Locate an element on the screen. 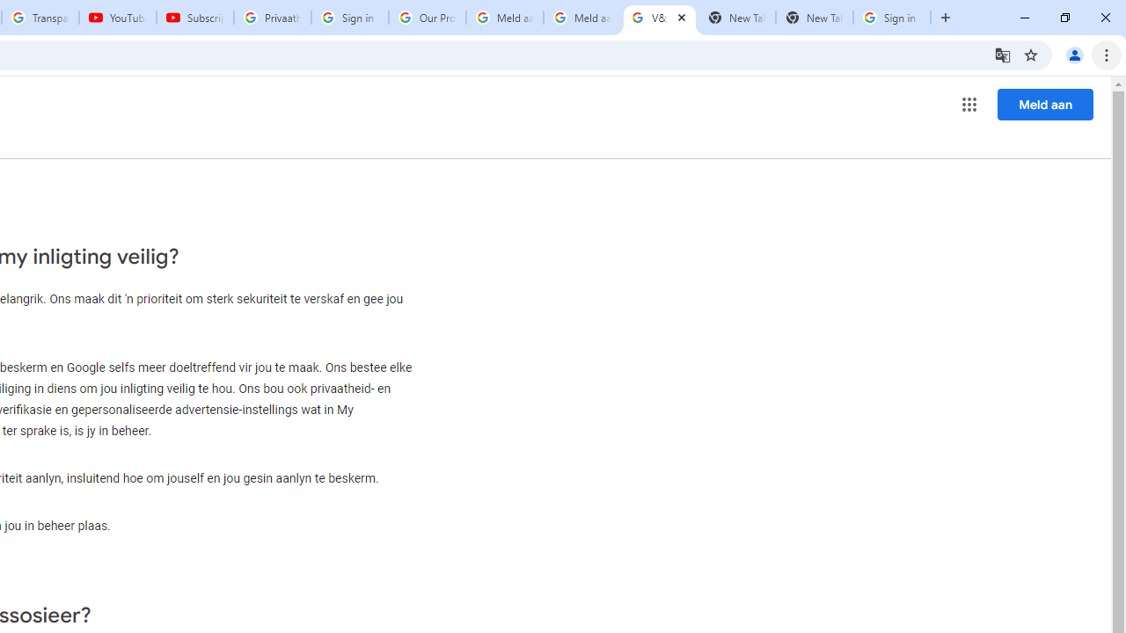  'Subscriptions - YouTube' is located at coordinates (195, 18).